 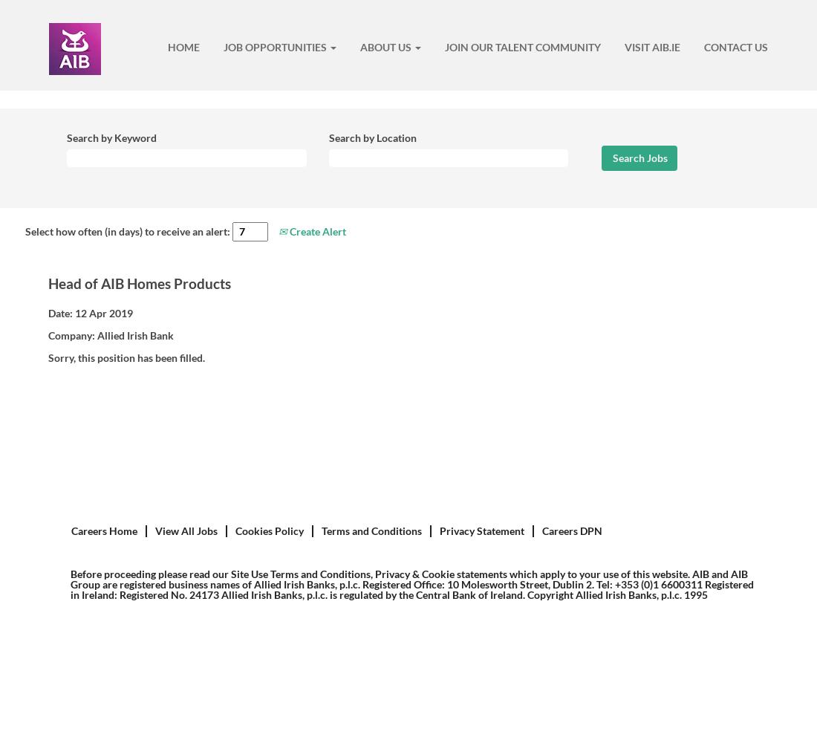 I want to click on 'Careers Home', so click(x=103, y=530).